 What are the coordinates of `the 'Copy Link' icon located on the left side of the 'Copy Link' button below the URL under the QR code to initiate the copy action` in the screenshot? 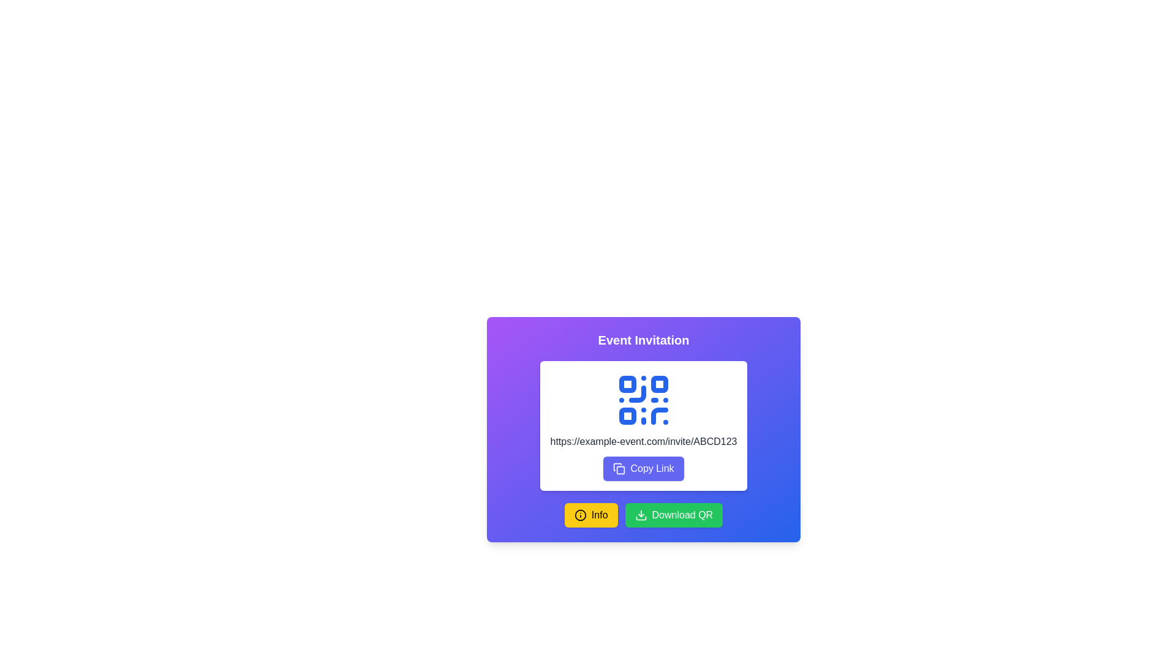 It's located at (619, 468).